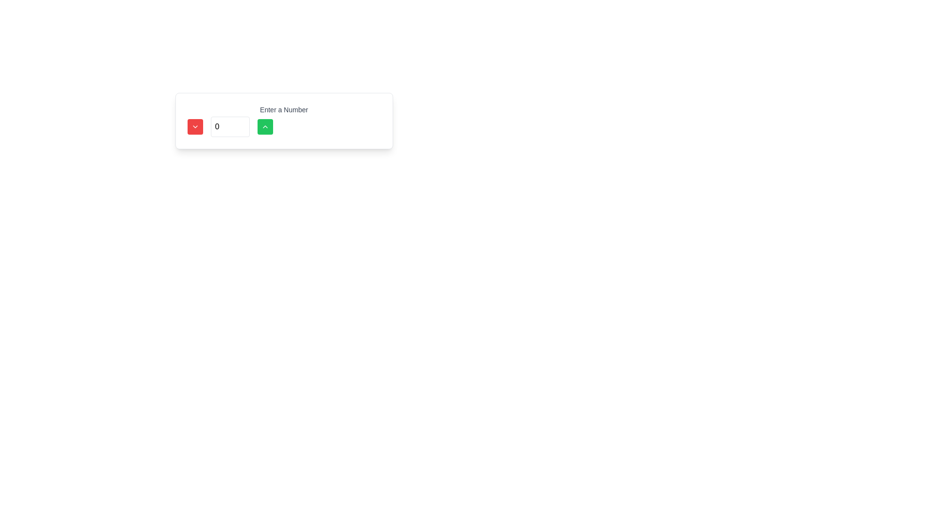 The height and width of the screenshot is (525, 933). Describe the element at coordinates (283, 126) in the screenshot. I see `the green button on the right side of the numeric input field to increase the number` at that location.